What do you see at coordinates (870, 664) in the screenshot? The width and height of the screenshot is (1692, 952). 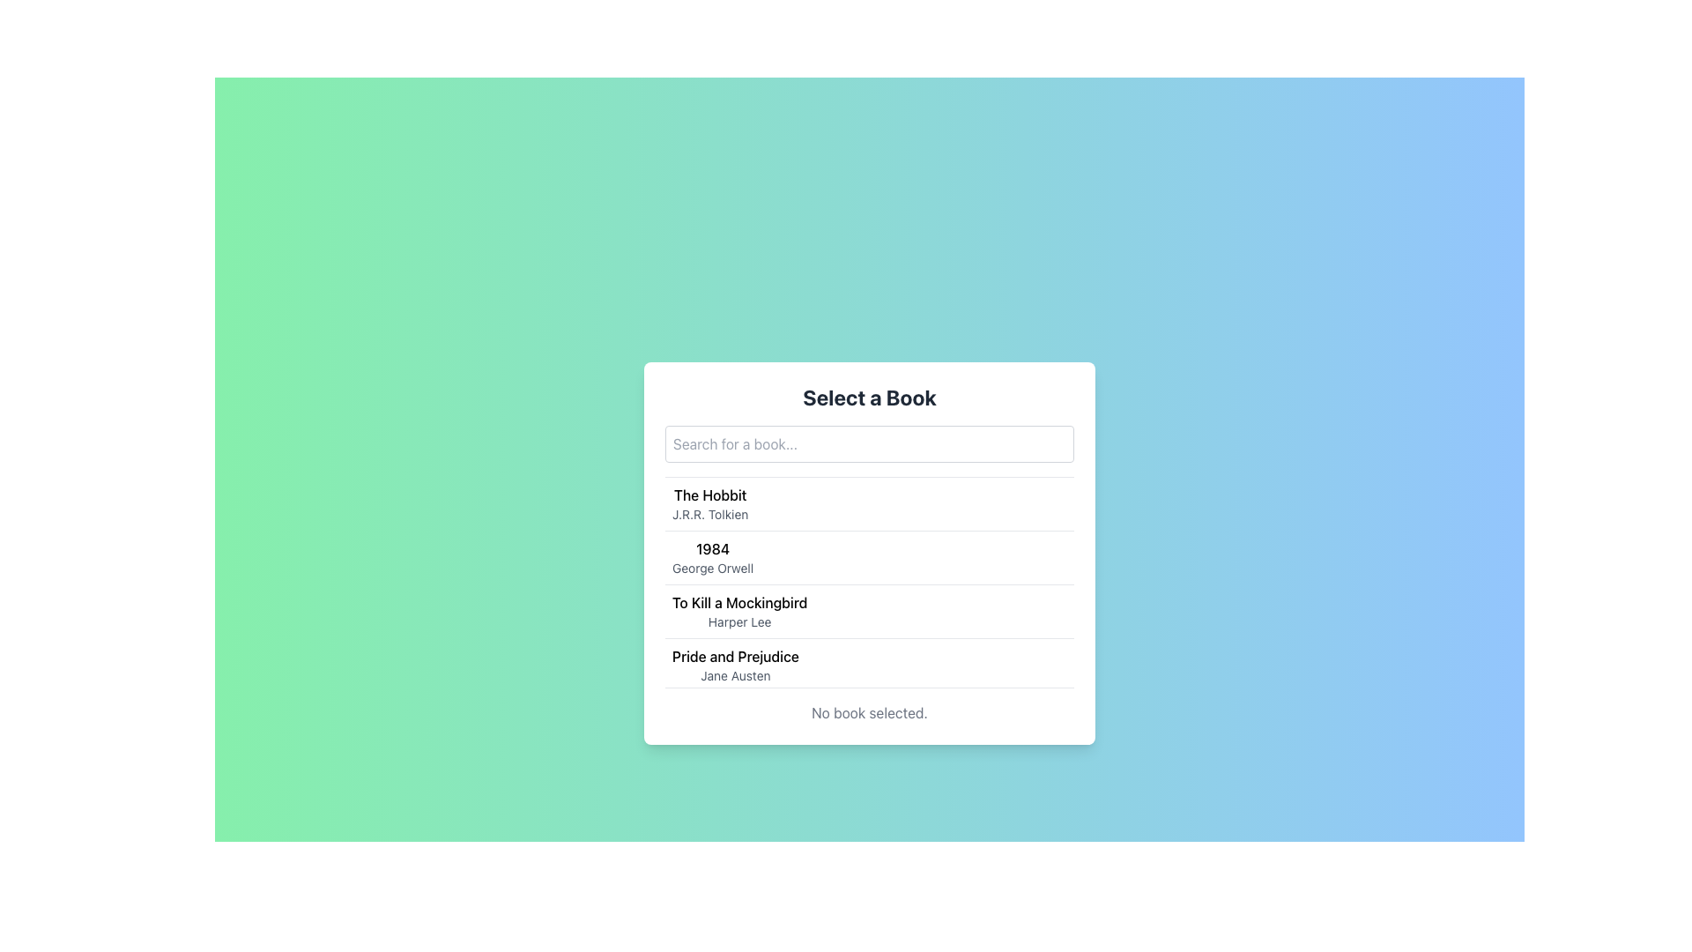 I see `the bottom-most list item that signifies the book 'Pride and Prejudice' by 'Jane Austen'` at bounding box center [870, 664].